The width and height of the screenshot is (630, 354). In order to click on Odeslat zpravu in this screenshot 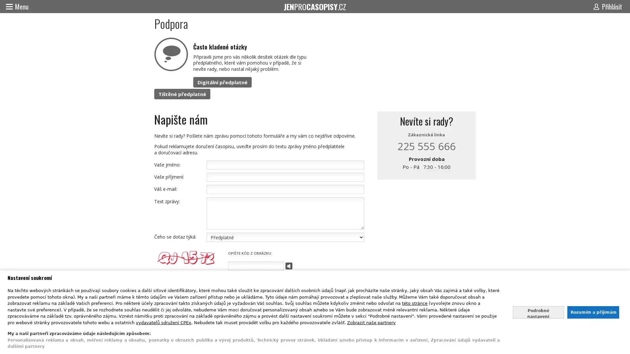, I will do `click(341, 280)`.